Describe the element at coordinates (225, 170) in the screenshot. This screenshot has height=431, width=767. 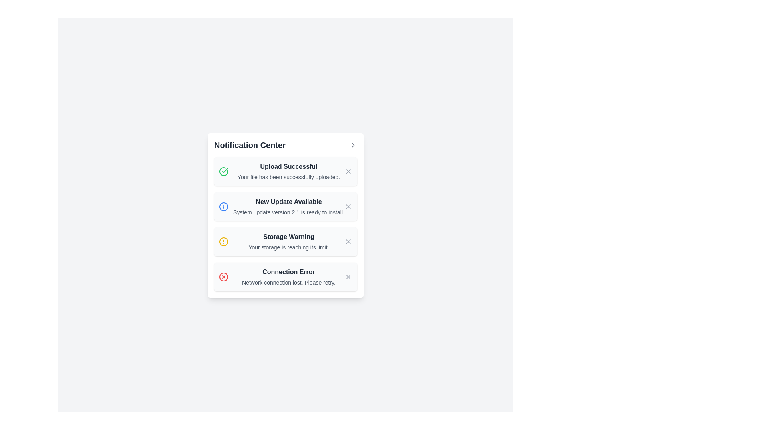
I see `the decorative icon indicating a successful action related to the 'Upload Successful' notification, located on the left side of the notification tile` at that location.